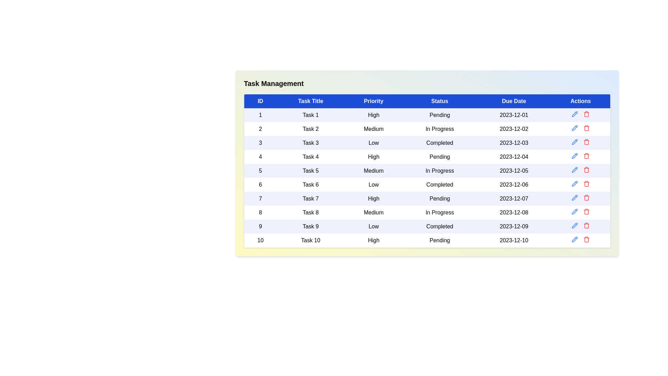 Image resolution: width=668 pixels, height=376 pixels. I want to click on the Status header to sort the table by that column, so click(439, 101).